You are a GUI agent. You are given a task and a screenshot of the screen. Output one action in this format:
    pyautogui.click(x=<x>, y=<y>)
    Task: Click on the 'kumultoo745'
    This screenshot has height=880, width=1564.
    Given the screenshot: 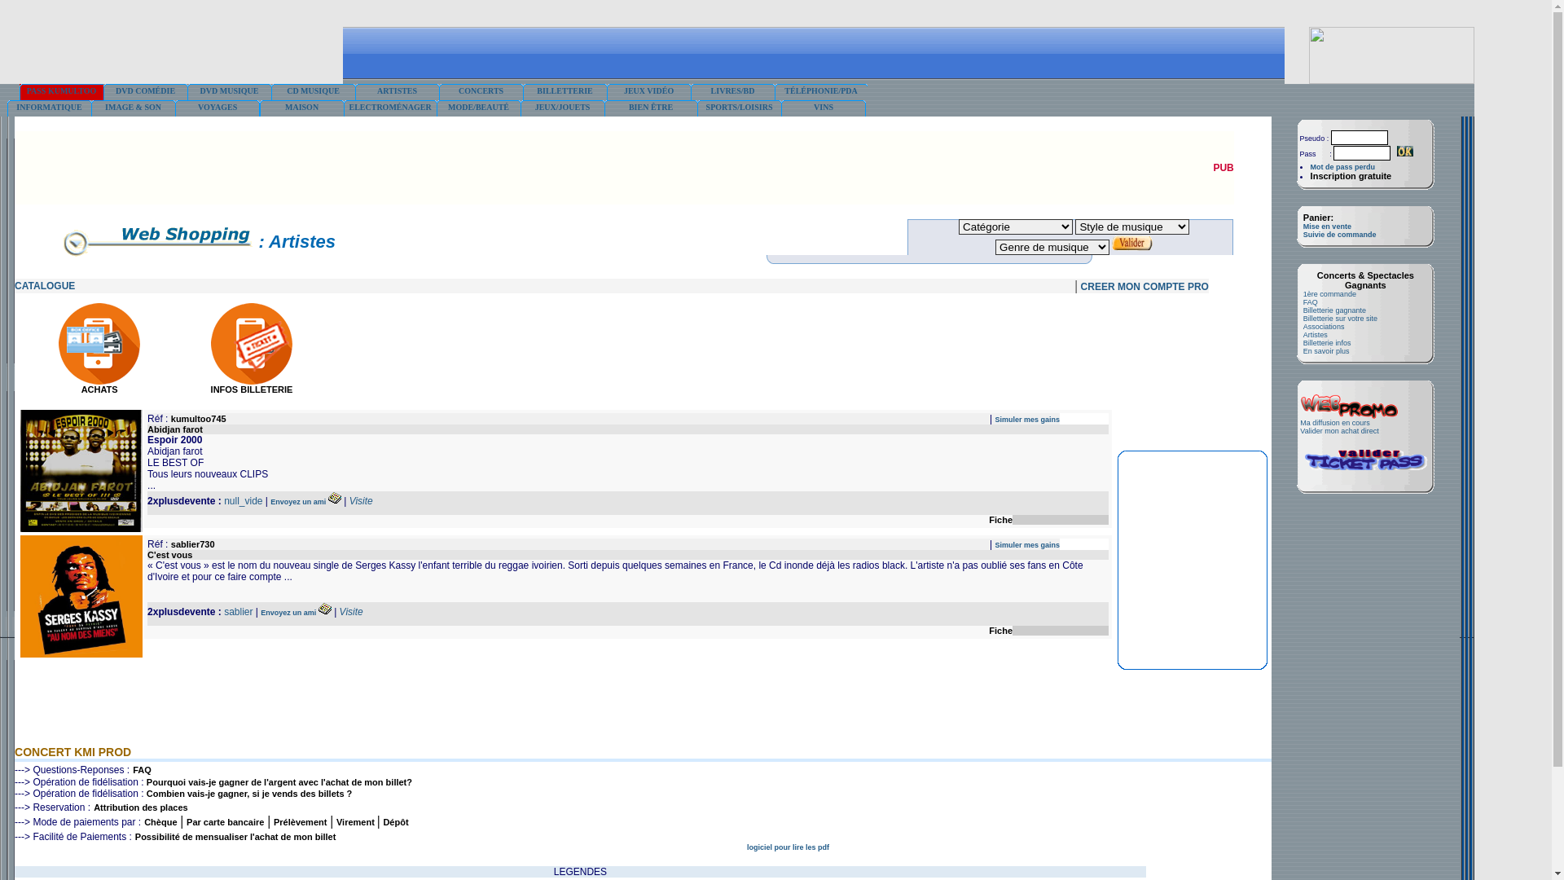 What is the action you would take?
    pyautogui.click(x=198, y=417)
    